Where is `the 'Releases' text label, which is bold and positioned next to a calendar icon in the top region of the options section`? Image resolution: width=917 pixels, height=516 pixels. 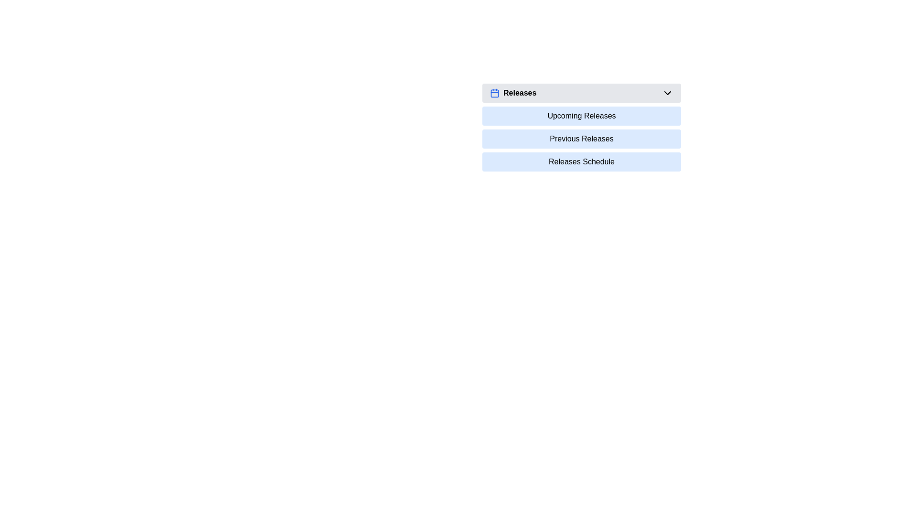
the 'Releases' text label, which is bold and positioned next to a calendar icon in the top region of the options section is located at coordinates (519, 93).